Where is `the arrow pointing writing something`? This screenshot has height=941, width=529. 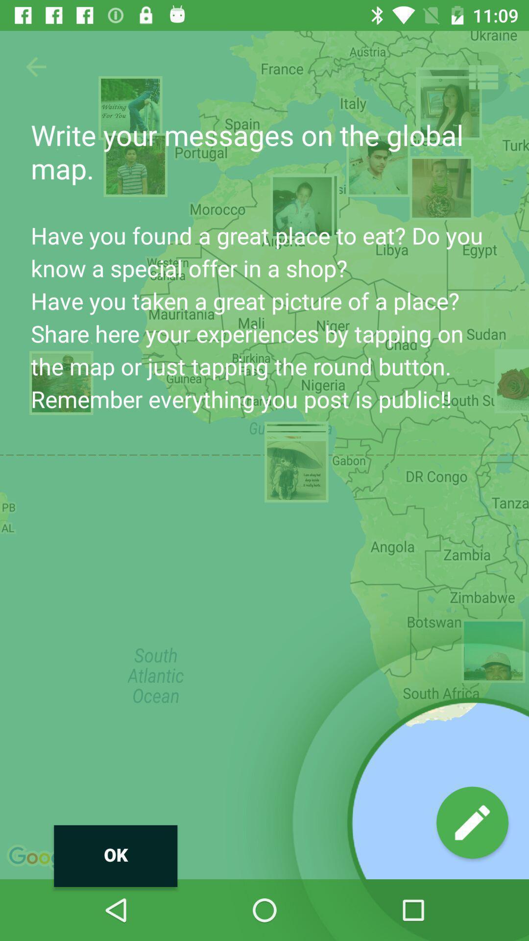 the arrow pointing writing something is located at coordinates (472, 822).